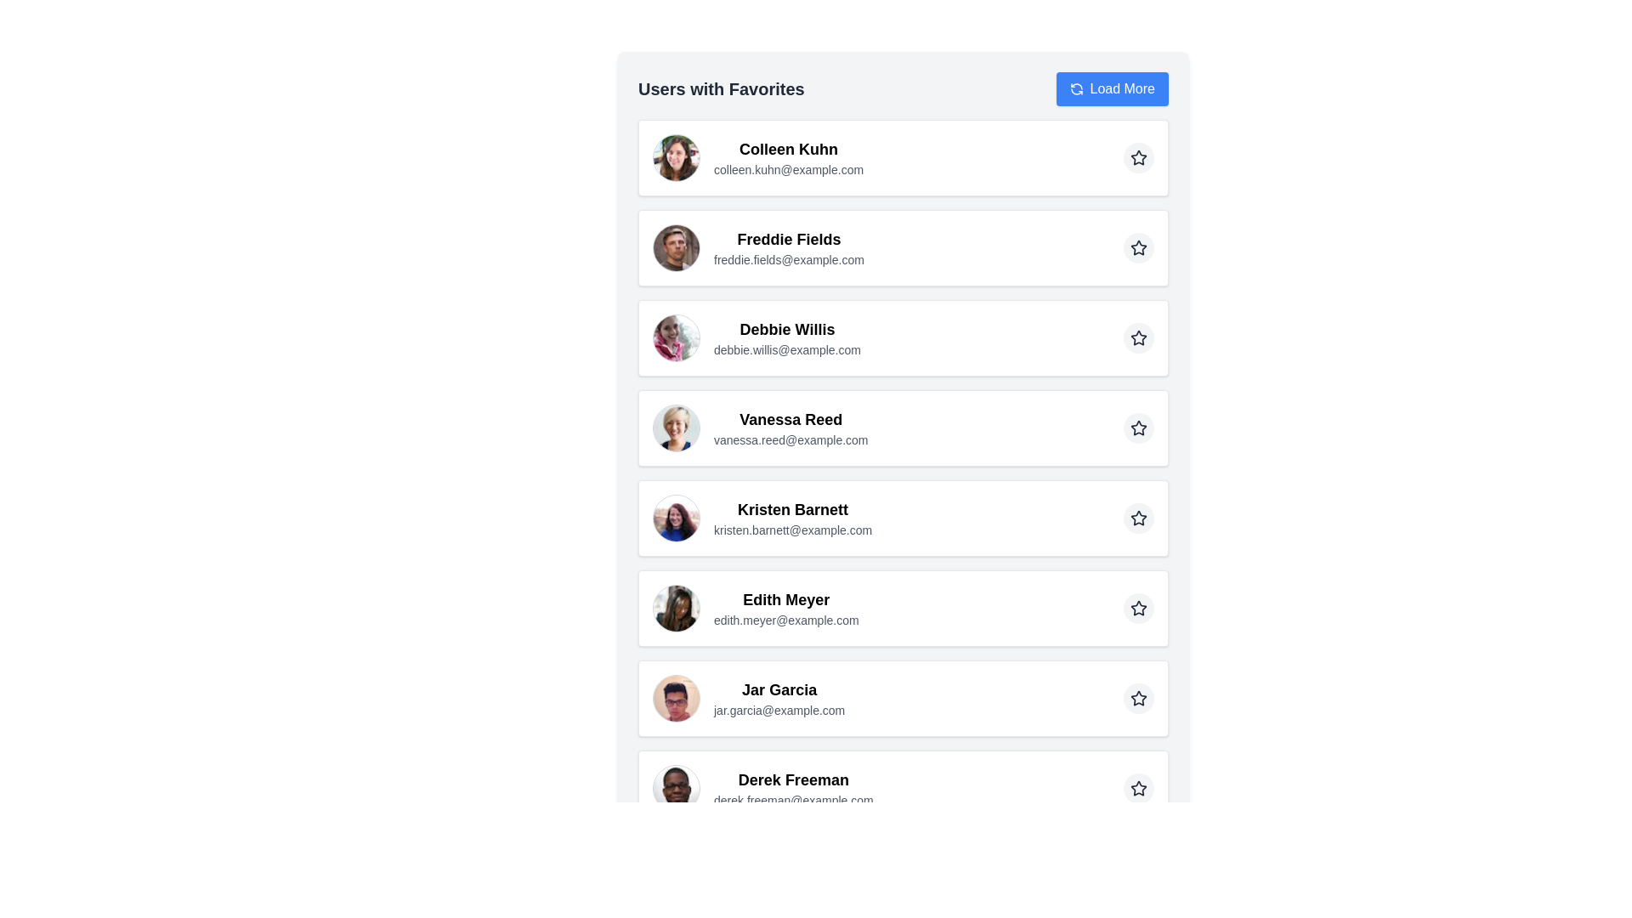 The image size is (1632, 918). I want to click on the circular profile picture located, so click(676, 248).